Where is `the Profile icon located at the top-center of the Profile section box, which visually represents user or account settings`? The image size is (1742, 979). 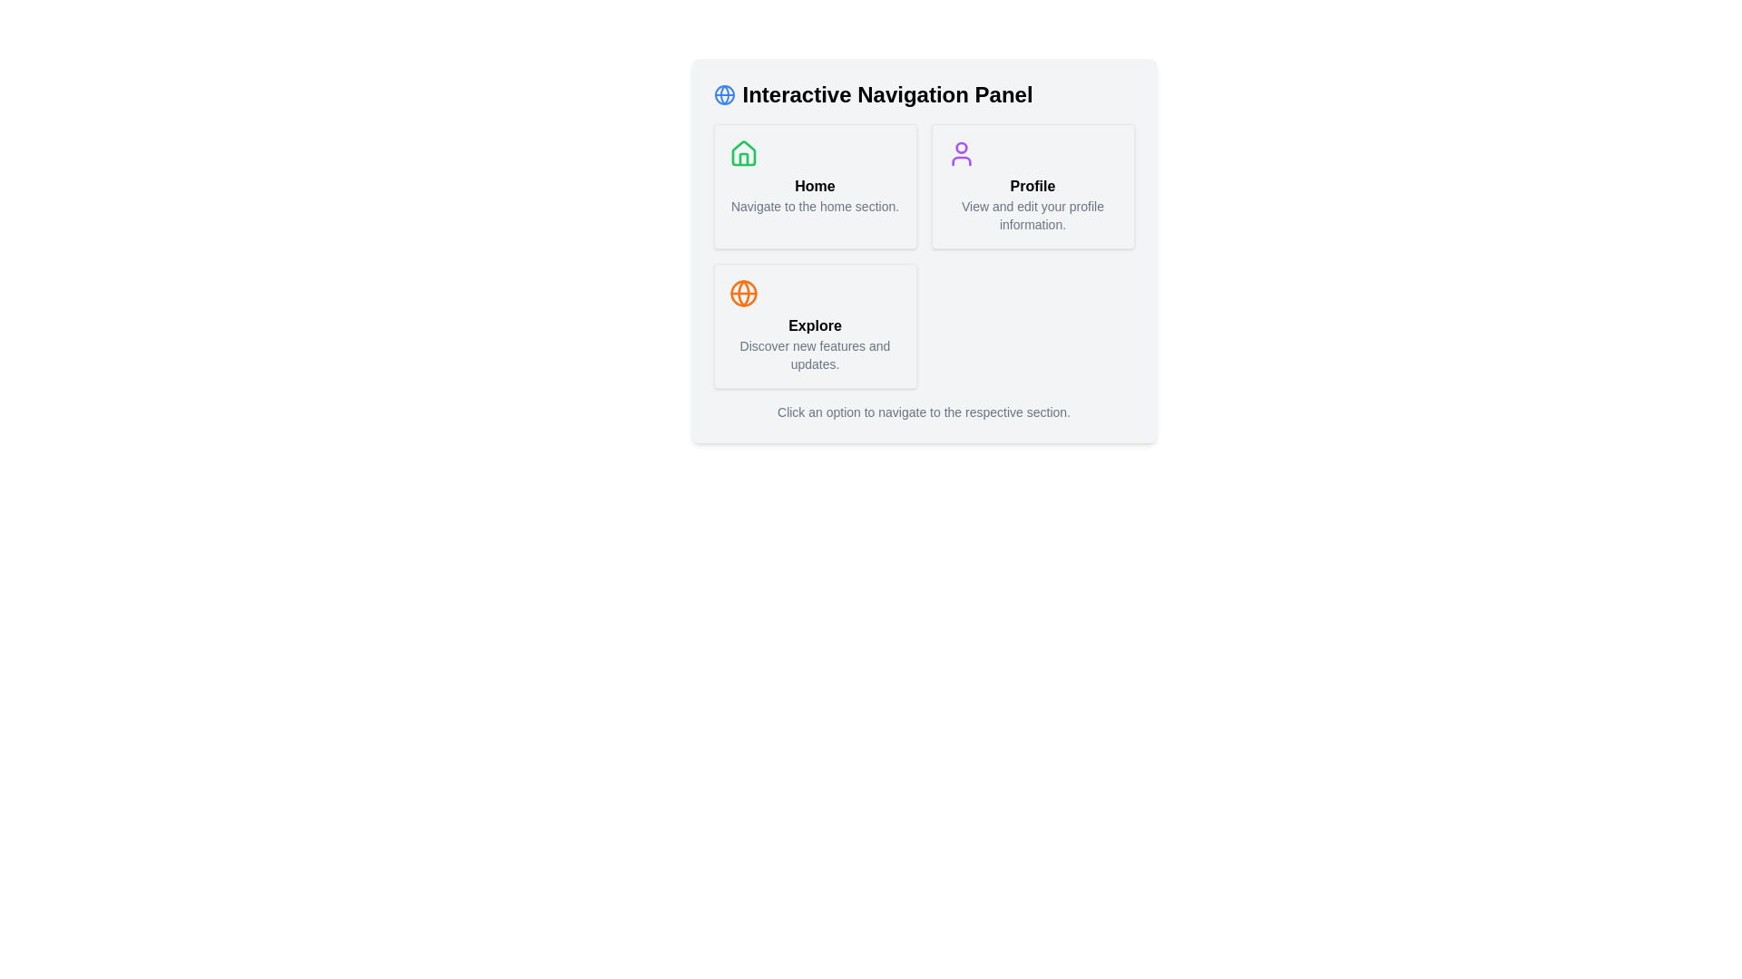 the Profile icon located at the top-center of the Profile section box, which visually represents user or account settings is located at coordinates (960, 152).